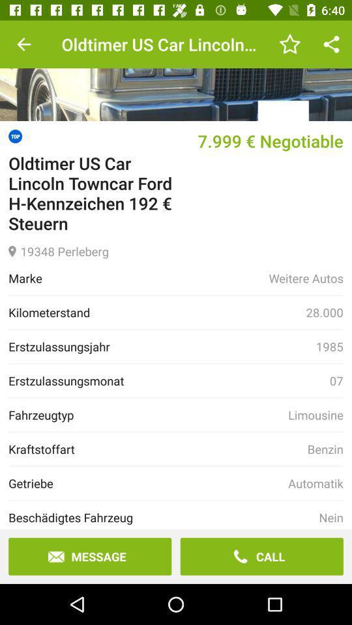  What do you see at coordinates (315, 482) in the screenshot?
I see `icon next to getriebe item` at bounding box center [315, 482].